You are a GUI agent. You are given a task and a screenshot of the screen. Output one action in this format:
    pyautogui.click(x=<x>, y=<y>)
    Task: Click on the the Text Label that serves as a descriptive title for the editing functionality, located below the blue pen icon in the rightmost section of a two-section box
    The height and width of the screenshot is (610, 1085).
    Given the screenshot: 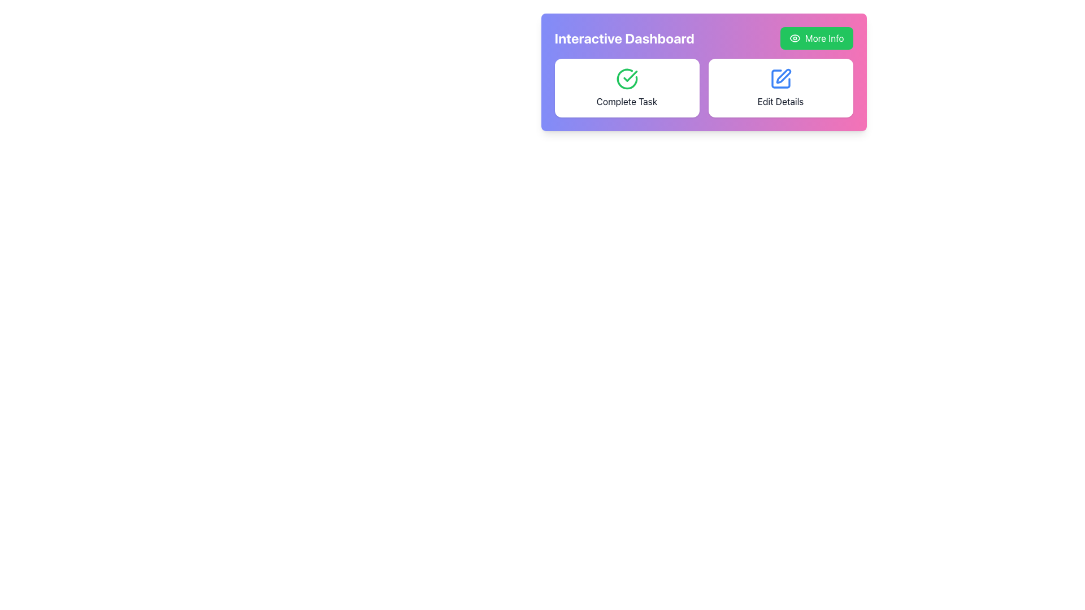 What is the action you would take?
    pyautogui.click(x=780, y=102)
    